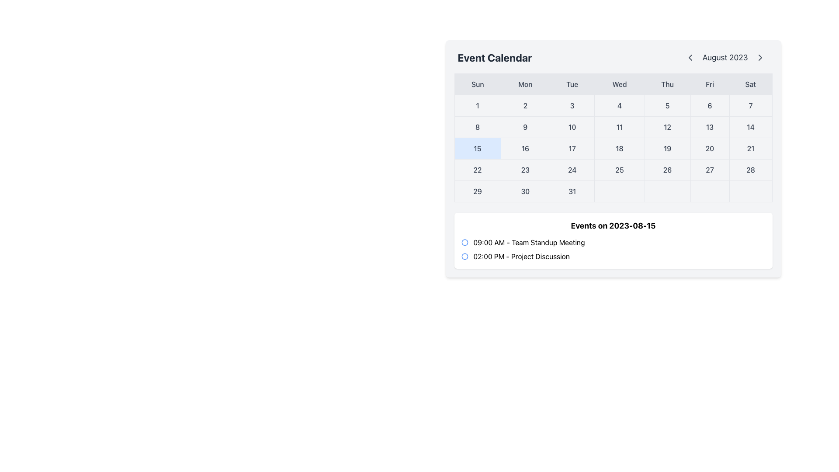 Image resolution: width=839 pixels, height=472 pixels. Describe the element at coordinates (619, 127) in the screenshot. I see `the calendar date cell representing the 11th day of the month, located` at that location.